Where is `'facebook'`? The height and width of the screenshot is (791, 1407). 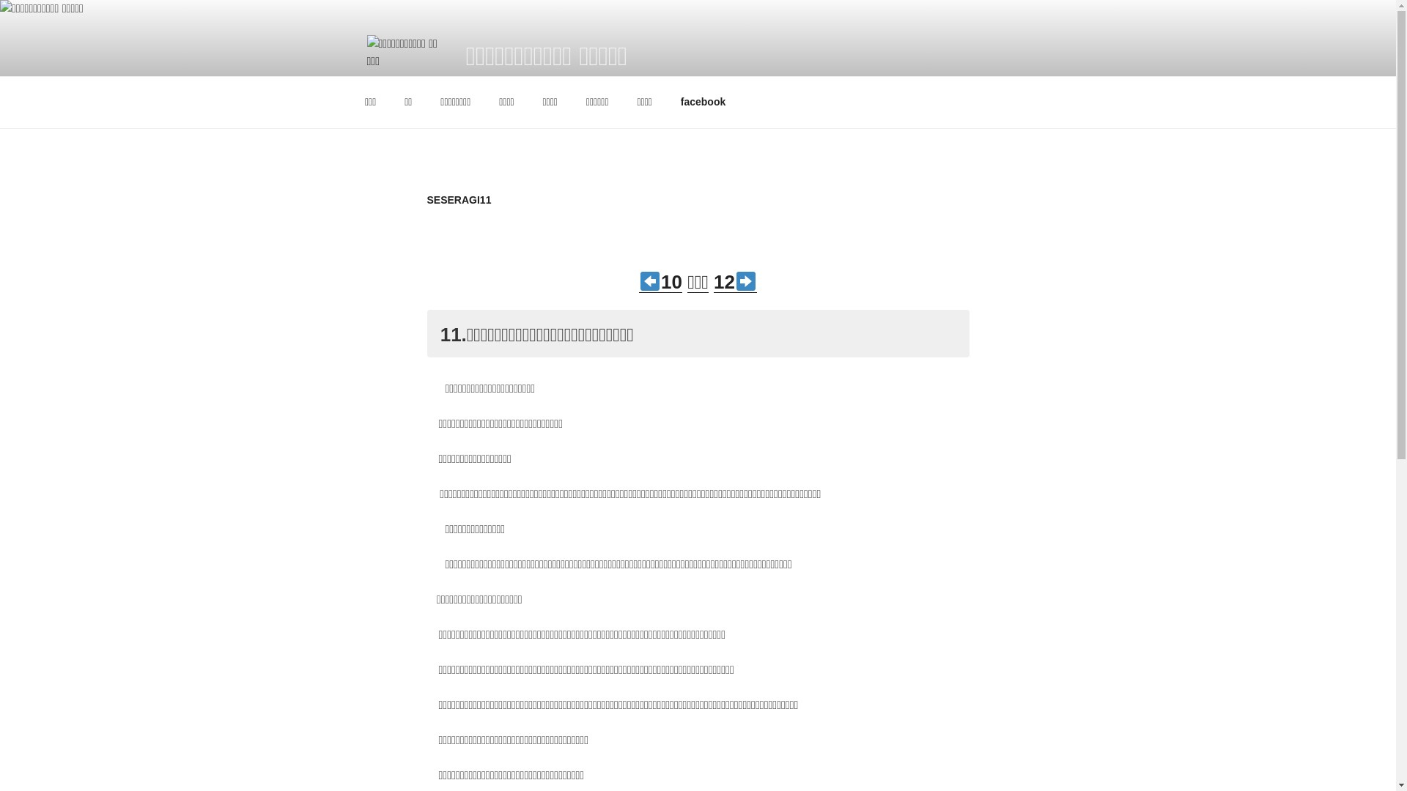
'facebook' is located at coordinates (702, 101).